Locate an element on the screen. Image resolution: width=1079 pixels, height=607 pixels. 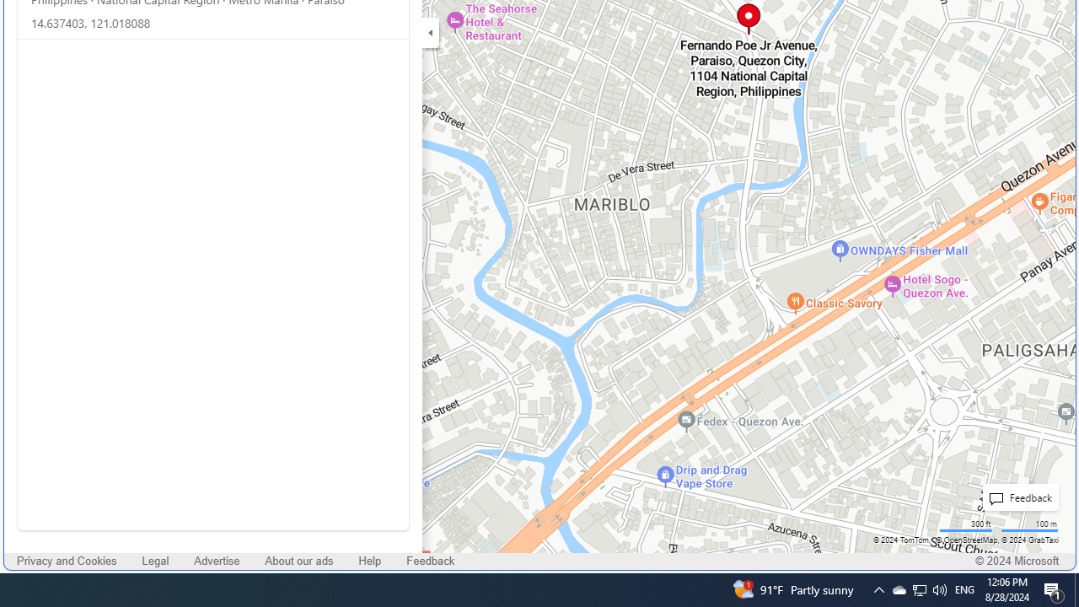
'About our ads' is located at coordinates (298, 561).